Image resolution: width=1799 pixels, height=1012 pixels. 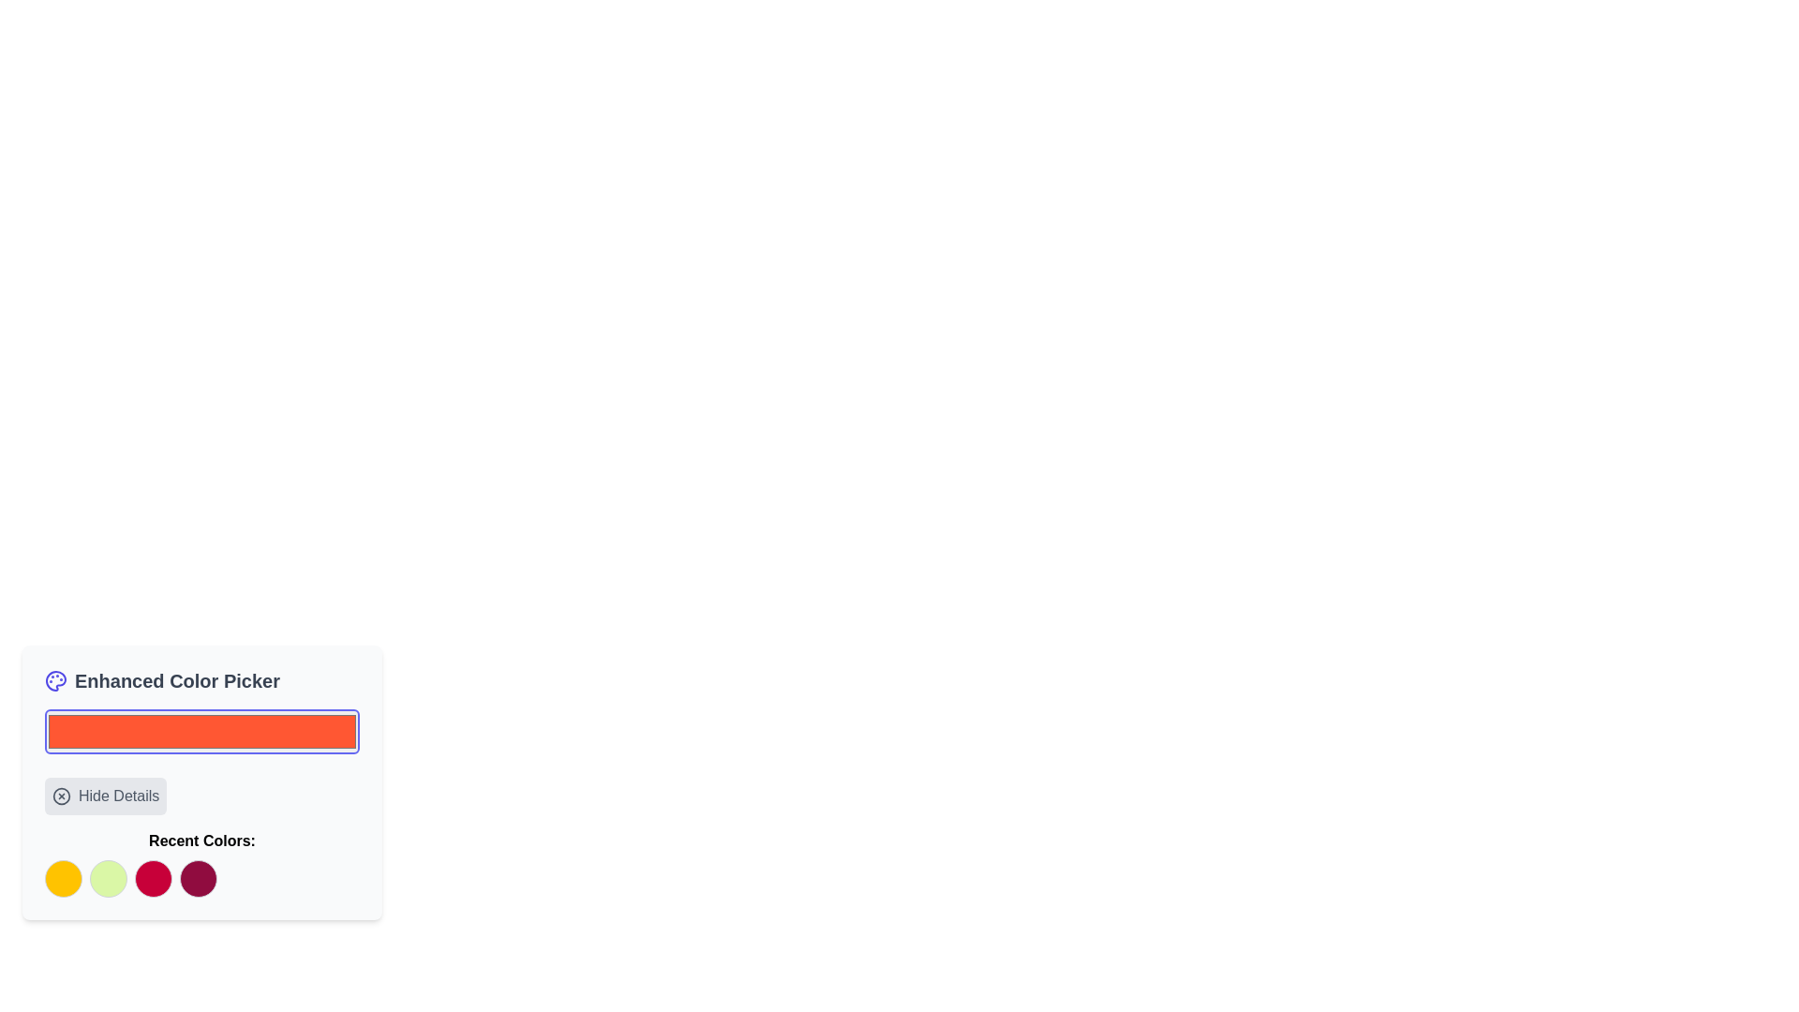 I want to click on the label that describes the section of recent color options, positioned at the top of the colored circular buttons, so click(x=202, y=841).